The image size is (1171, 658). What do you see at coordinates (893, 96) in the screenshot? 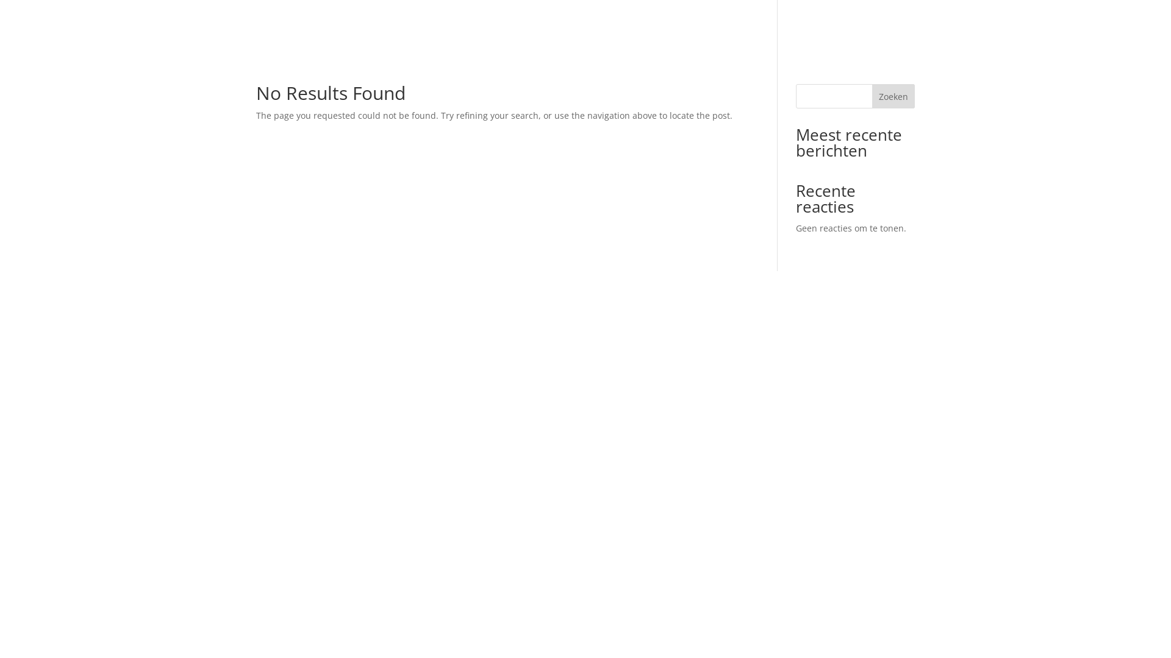
I see `'Zoeken'` at bounding box center [893, 96].